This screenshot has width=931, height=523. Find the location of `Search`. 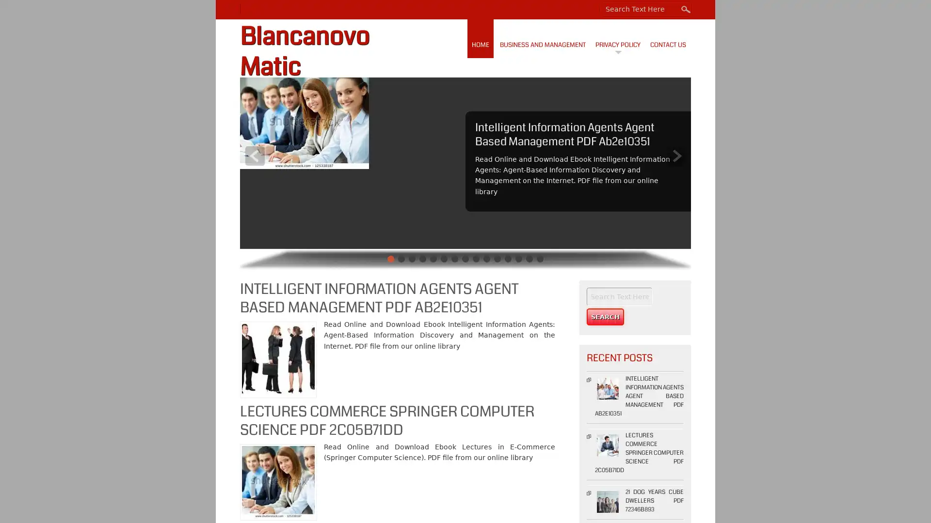

Search is located at coordinates (605, 317).